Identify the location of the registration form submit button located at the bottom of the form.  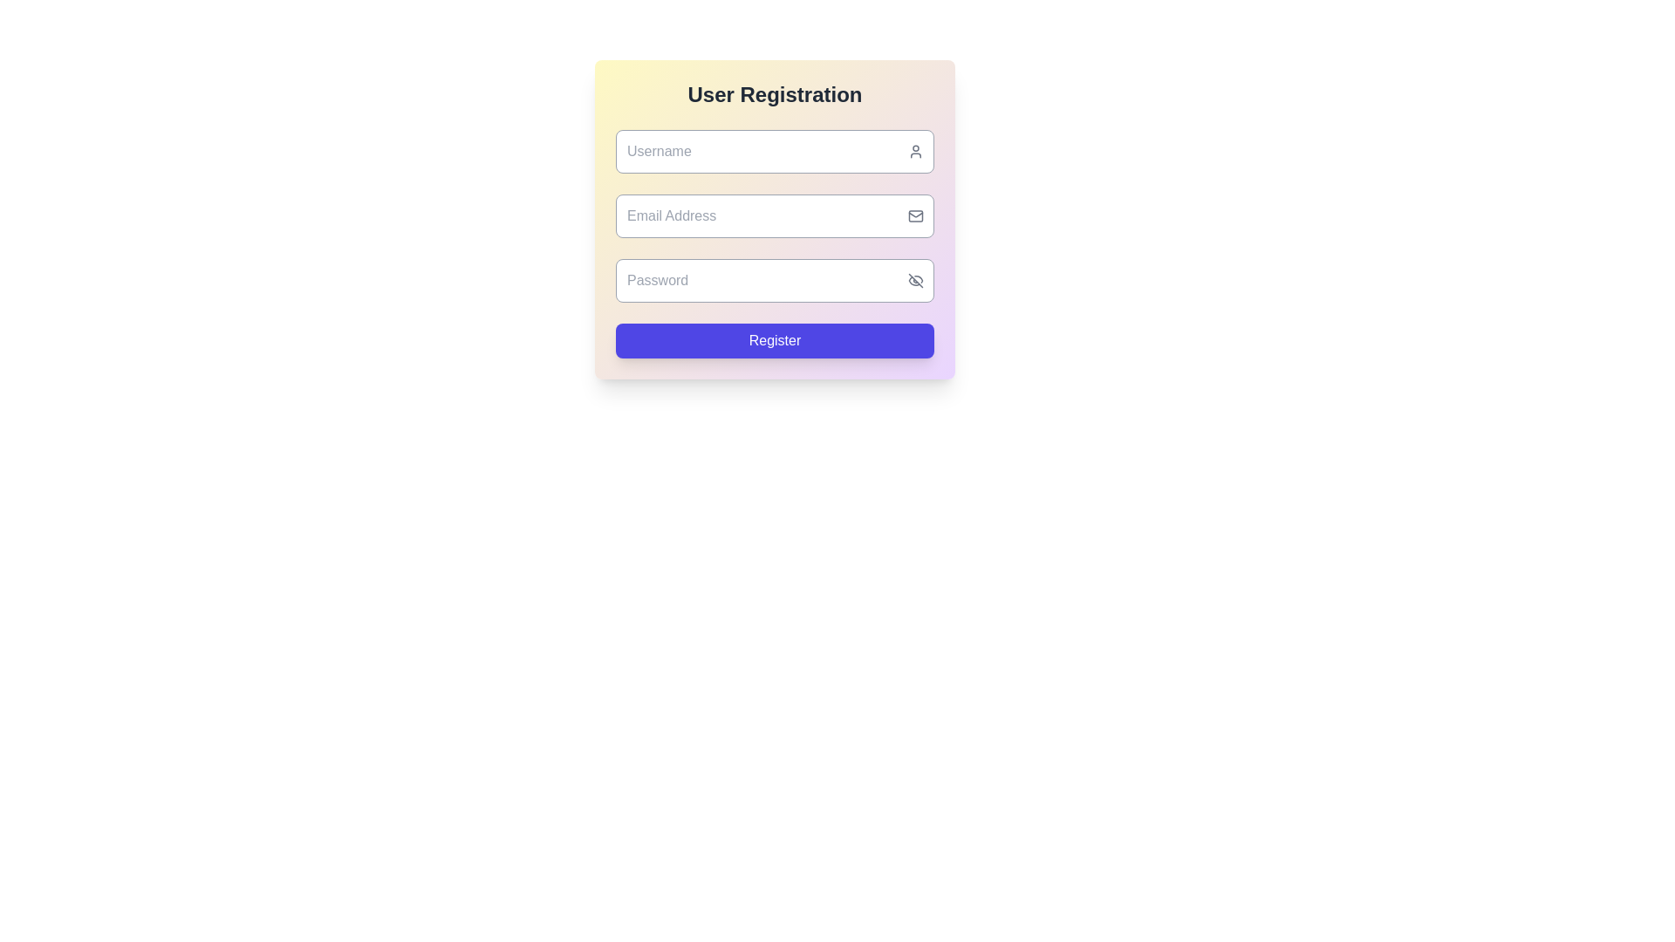
(774, 340).